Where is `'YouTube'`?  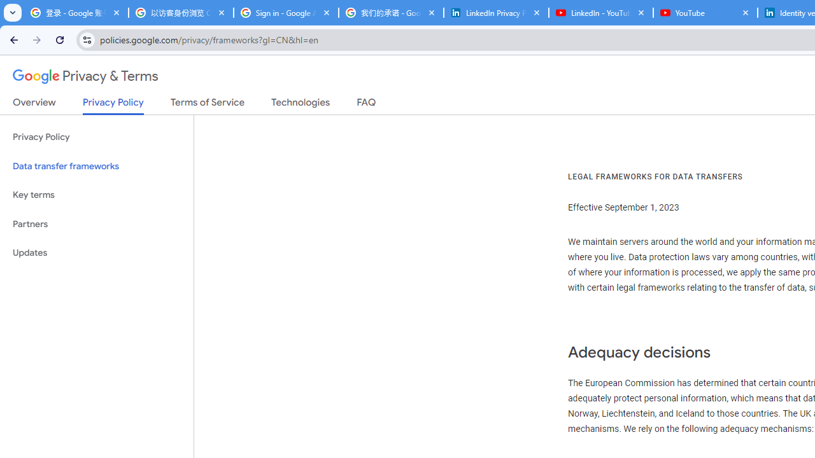
'YouTube' is located at coordinates (705, 13).